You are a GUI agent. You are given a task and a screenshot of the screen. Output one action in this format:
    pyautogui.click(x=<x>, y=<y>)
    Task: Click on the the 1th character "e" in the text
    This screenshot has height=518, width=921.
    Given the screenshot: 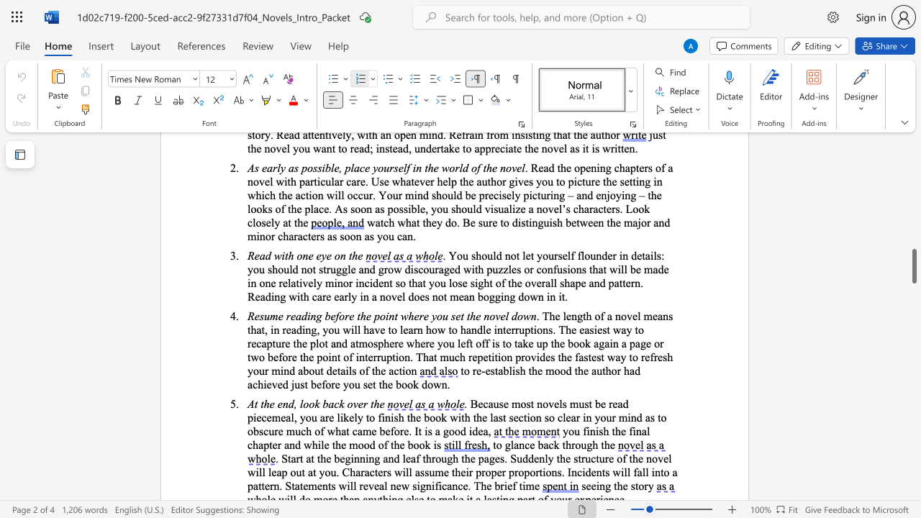 What is the action you would take?
    pyautogui.click(x=623, y=430)
    